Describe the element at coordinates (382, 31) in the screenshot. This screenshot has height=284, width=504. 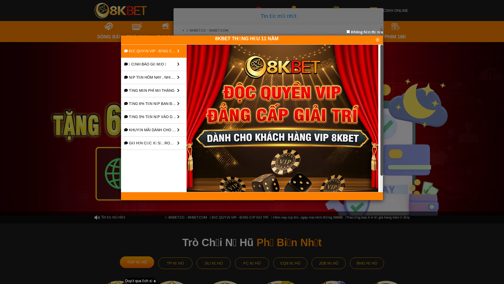
I see `'PHIM 18K'` at that location.